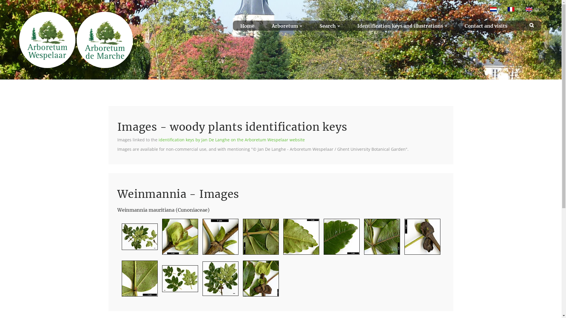 The image size is (566, 318). I want to click on 'Search', so click(329, 26).